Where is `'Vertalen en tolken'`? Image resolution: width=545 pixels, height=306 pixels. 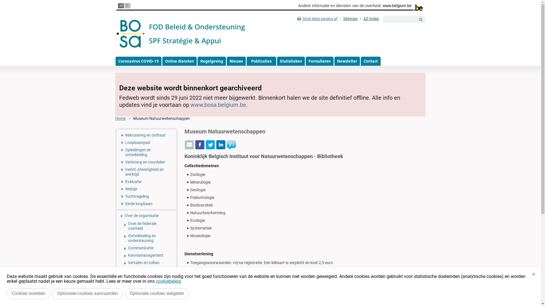
'Vertalen en tolken' is located at coordinates (116, 262).